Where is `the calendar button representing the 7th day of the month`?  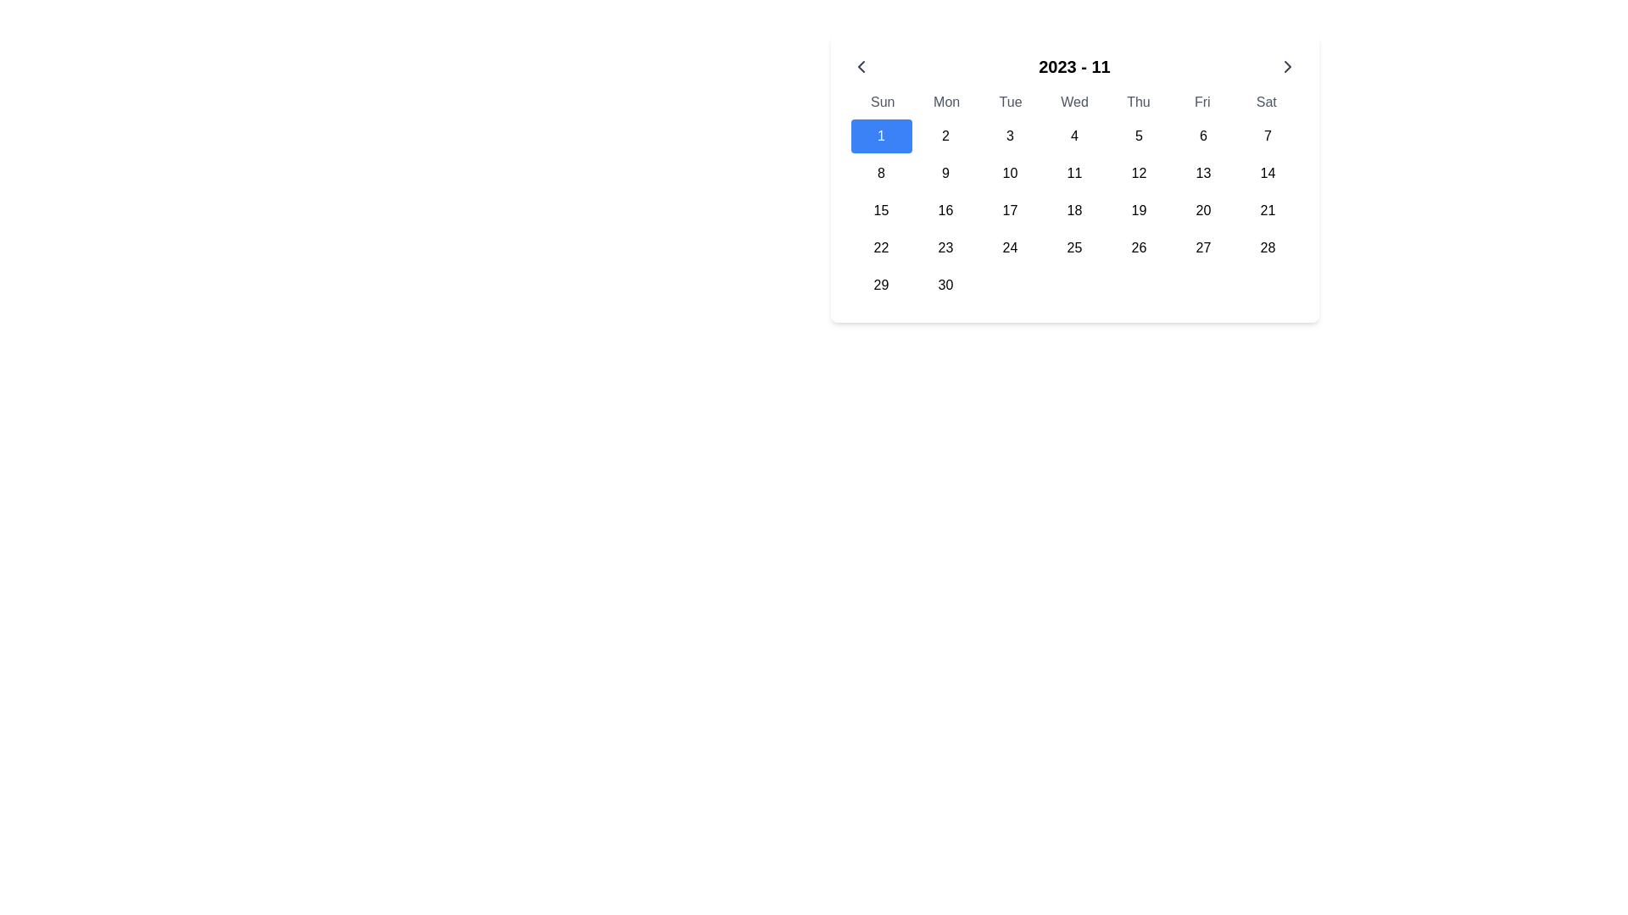
the calendar button representing the 7th day of the month is located at coordinates (1268, 136).